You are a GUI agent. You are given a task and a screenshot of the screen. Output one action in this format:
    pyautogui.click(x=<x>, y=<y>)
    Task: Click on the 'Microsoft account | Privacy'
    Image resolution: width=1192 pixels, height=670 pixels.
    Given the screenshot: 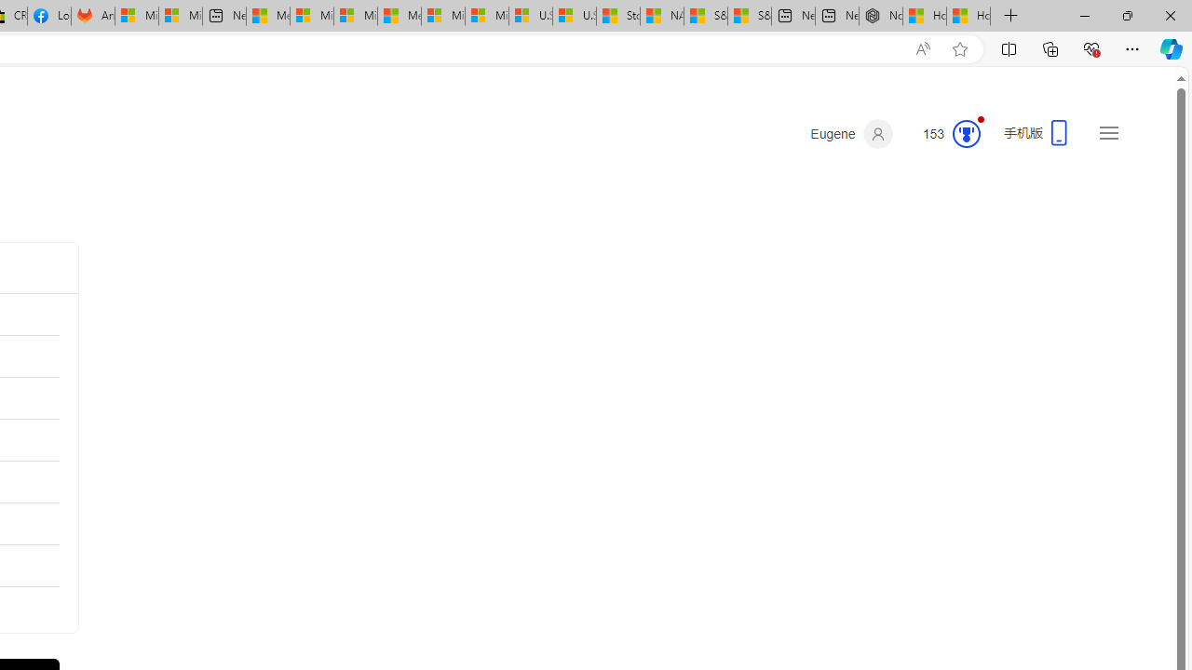 What is the action you would take?
    pyautogui.click(x=312, y=16)
    